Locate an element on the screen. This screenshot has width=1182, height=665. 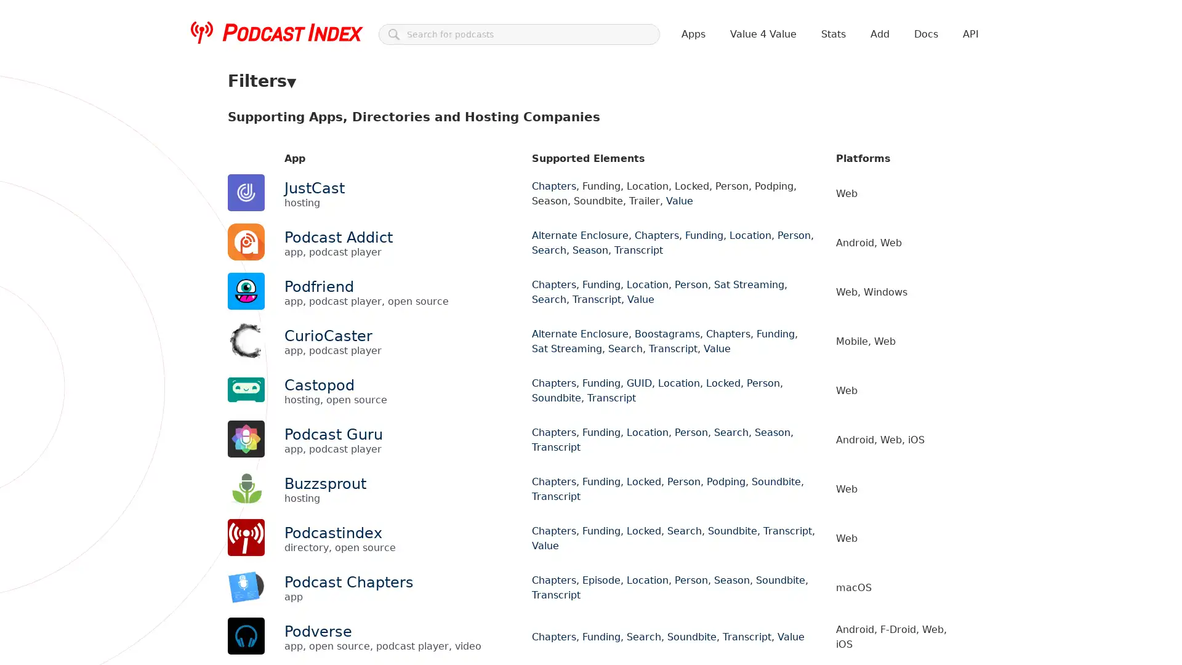
F-Droid is located at coordinates (539, 252).